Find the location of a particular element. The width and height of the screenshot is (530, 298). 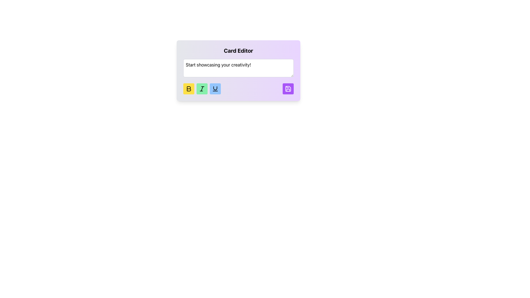

the second button from the left in the sequence of three buttons located at the bottom of the 'Card Editor' modal to apply italic styling to the selected text is located at coordinates (202, 88).